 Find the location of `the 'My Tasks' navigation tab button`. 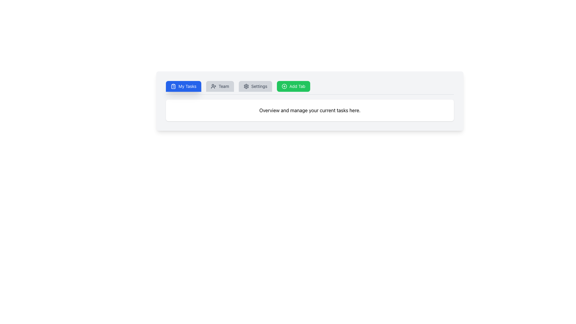

the 'My Tasks' navigation tab button is located at coordinates (183, 86).